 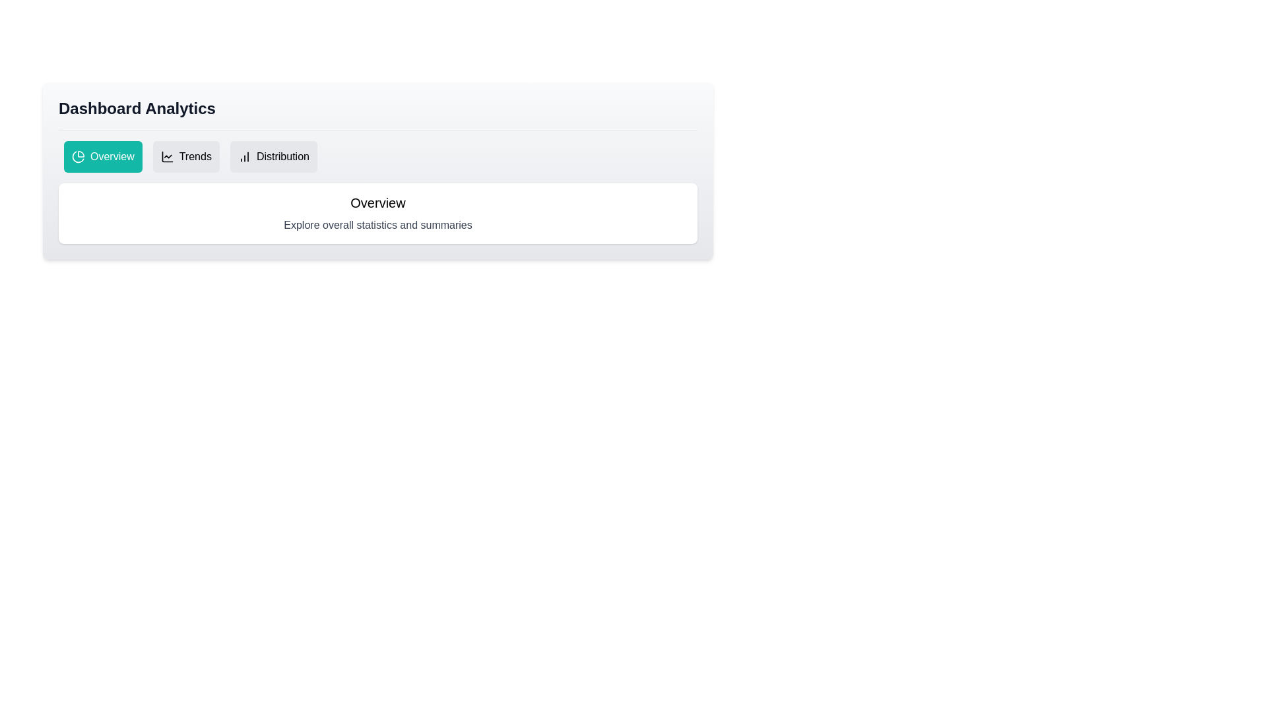 I want to click on the Trends tab by clicking on its respective button, so click(x=185, y=156).